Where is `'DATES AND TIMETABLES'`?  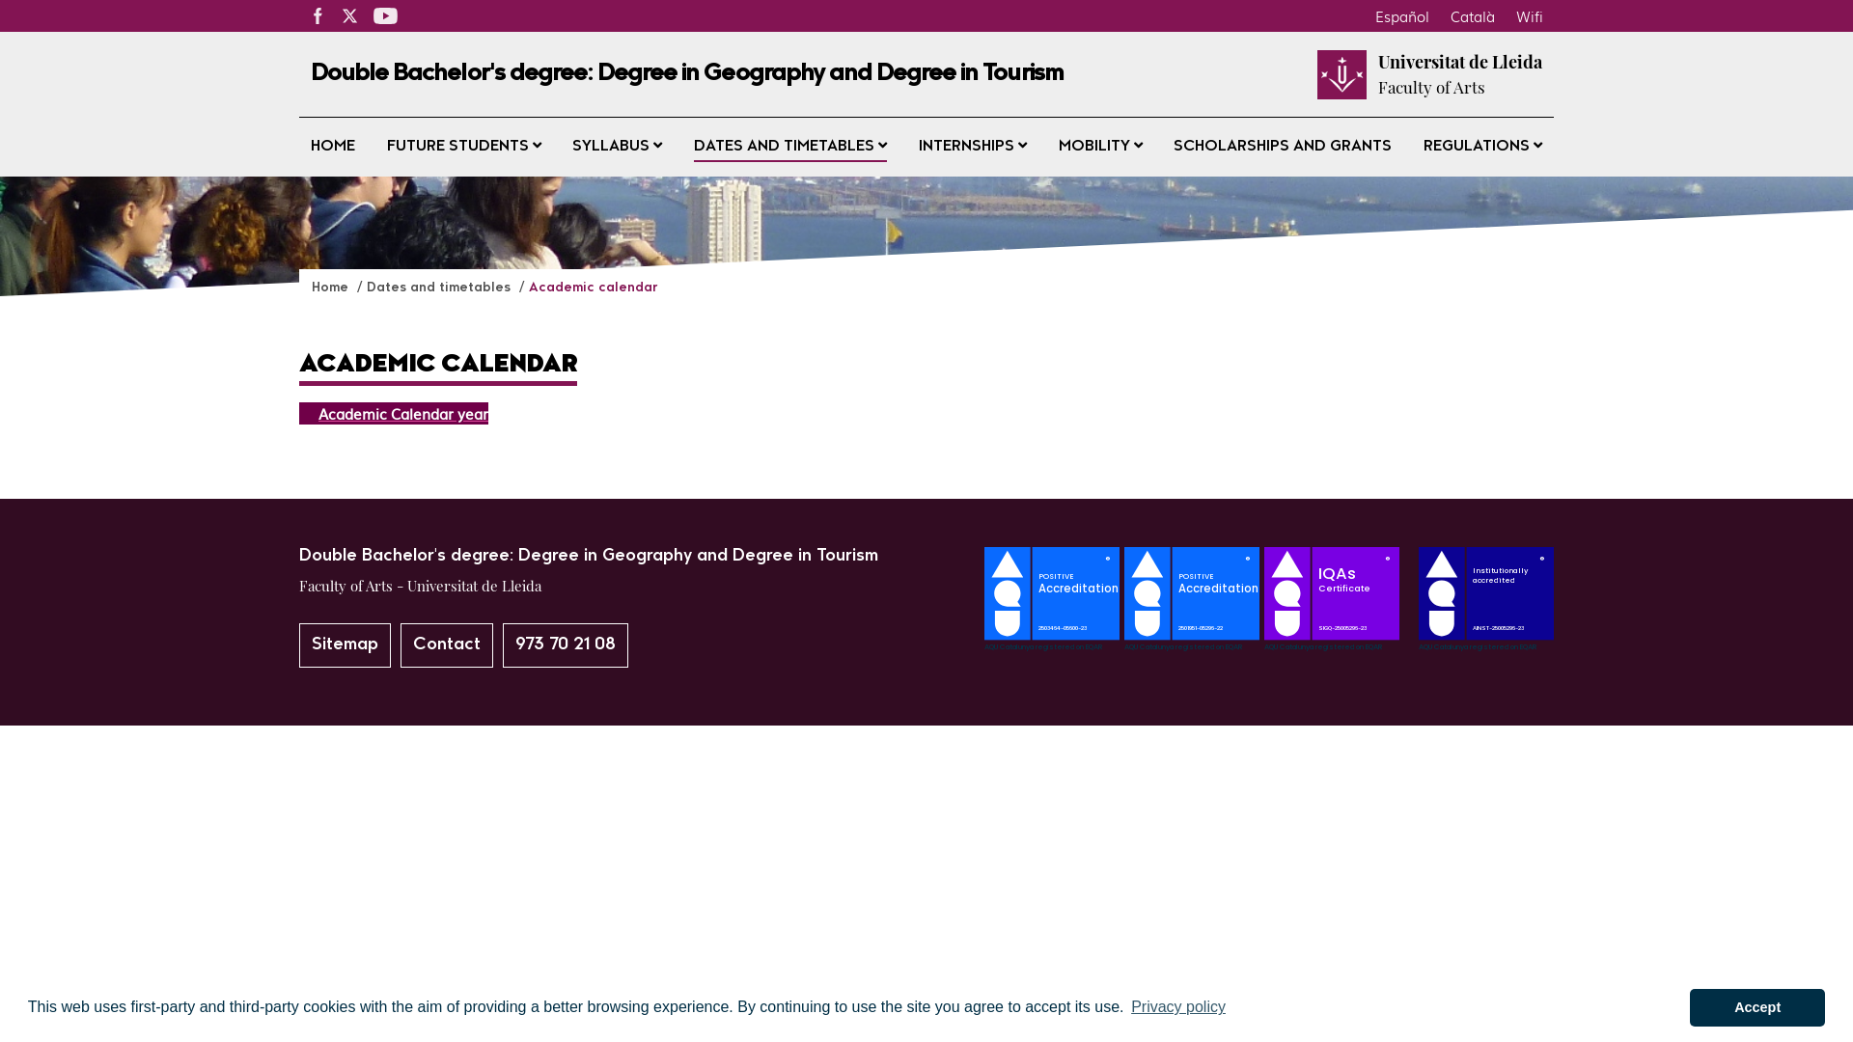
'DATES AND TIMETABLES' is located at coordinates (790, 146).